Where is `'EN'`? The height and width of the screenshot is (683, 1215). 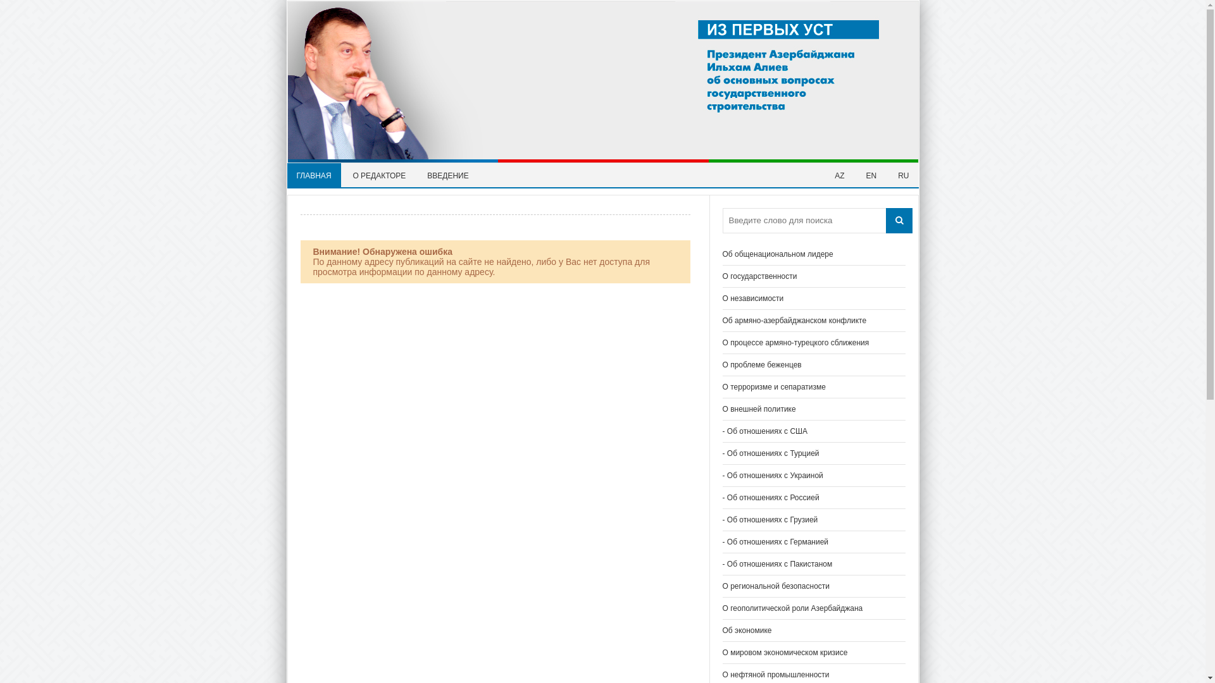 'EN' is located at coordinates (871, 175).